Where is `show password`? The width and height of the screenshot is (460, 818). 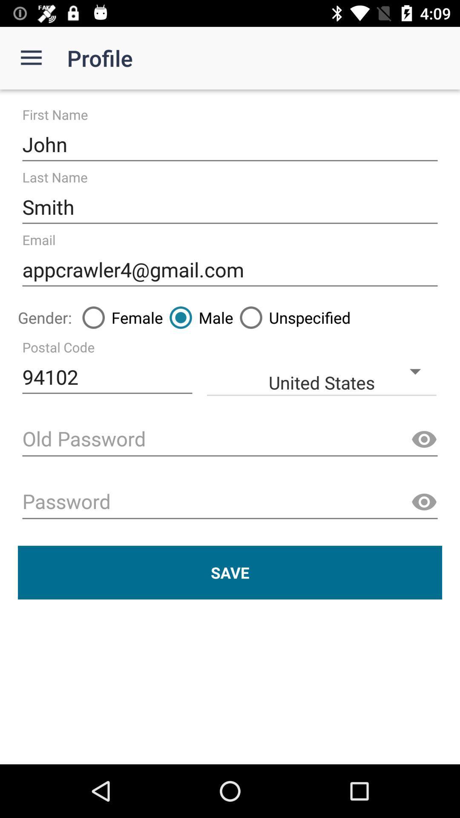
show password is located at coordinates (424, 440).